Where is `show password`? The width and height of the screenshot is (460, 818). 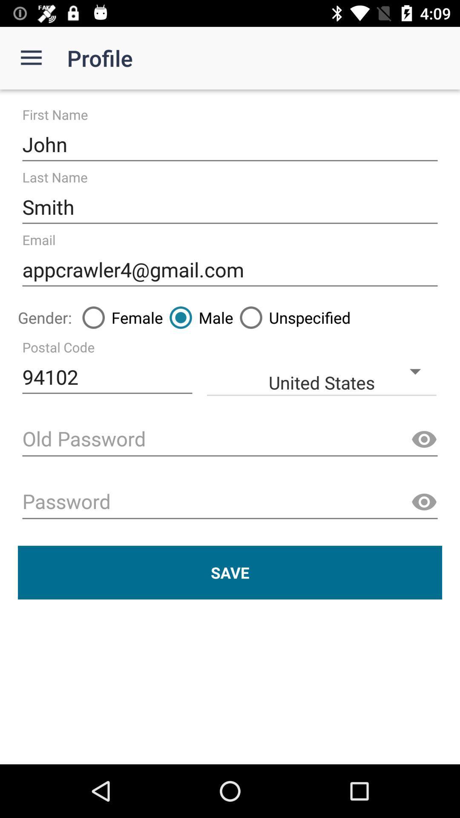
show password is located at coordinates (424, 440).